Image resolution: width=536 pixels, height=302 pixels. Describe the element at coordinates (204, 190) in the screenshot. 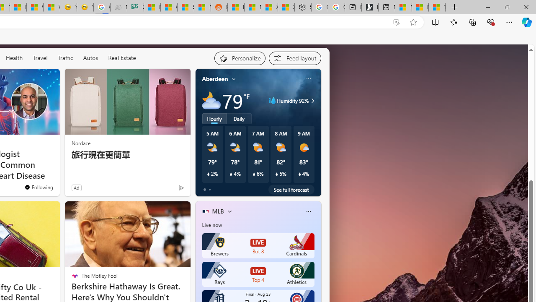

I see `'tab-0'` at that location.